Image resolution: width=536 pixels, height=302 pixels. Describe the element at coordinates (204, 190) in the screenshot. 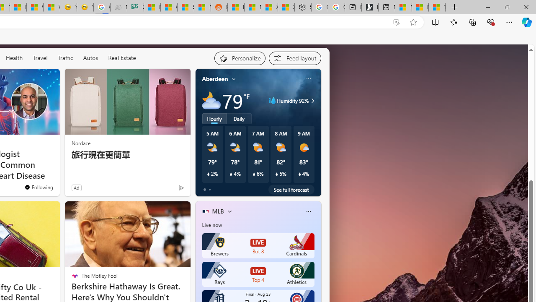

I see `'tab-0'` at that location.